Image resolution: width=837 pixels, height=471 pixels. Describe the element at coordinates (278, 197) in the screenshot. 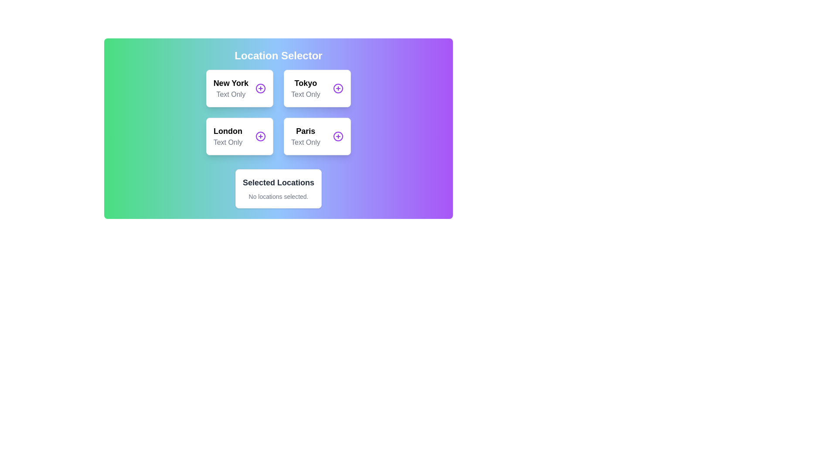

I see `text displayed in small, gray font that says 'No locations selected.' positioned within the 'Selected Locations' panel` at that location.